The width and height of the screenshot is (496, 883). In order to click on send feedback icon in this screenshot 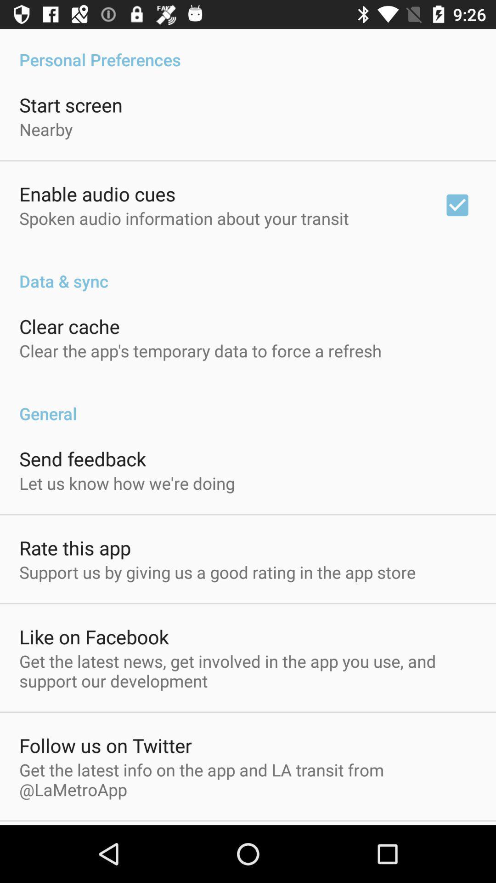, I will do `click(83, 459)`.